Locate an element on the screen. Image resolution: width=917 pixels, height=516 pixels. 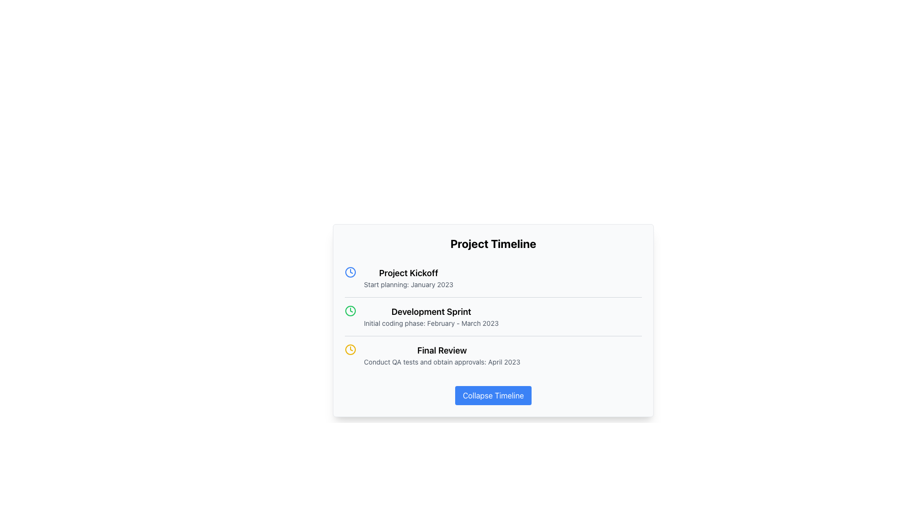
the time or deadline icon representing the 'Project Kickoff' event, which is located to the left of the text 'Project Kickoff' is located at coordinates (350, 272).